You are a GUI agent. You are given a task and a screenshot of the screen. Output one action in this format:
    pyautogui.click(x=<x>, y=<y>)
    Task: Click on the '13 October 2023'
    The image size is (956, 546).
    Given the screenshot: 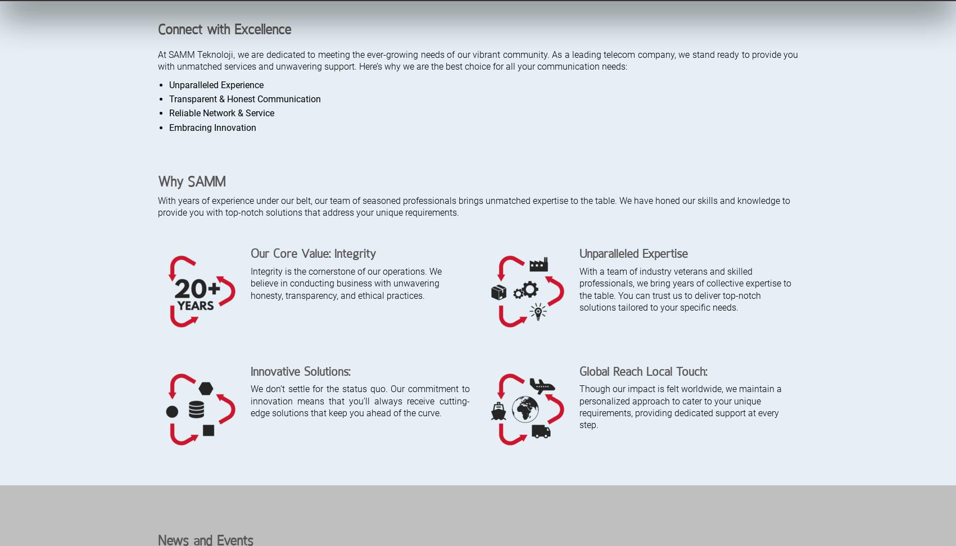 What is the action you would take?
    pyautogui.click(x=495, y=245)
    